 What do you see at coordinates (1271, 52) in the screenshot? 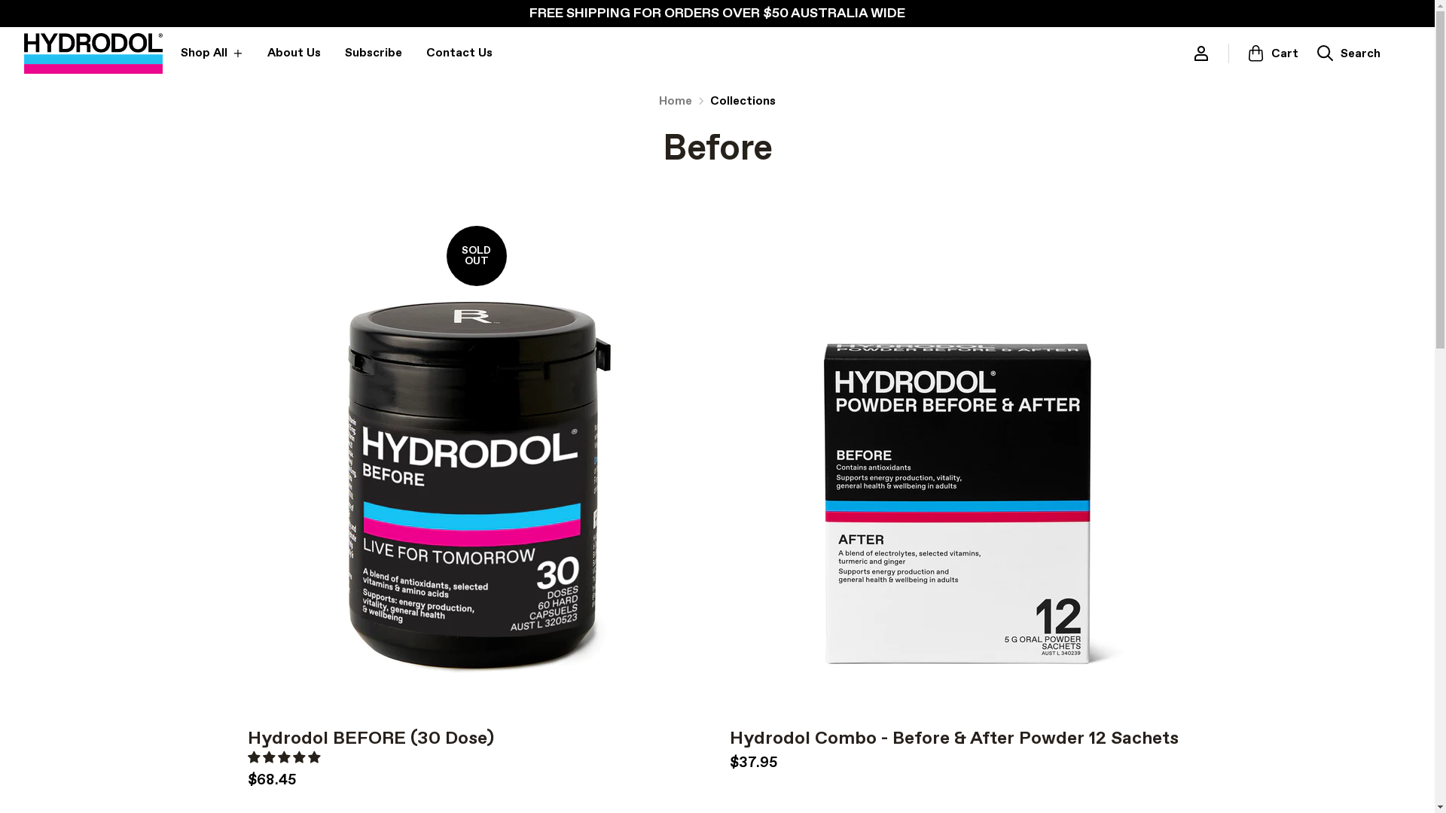
I see `'Cart'` at bounding box center [1271, 52].